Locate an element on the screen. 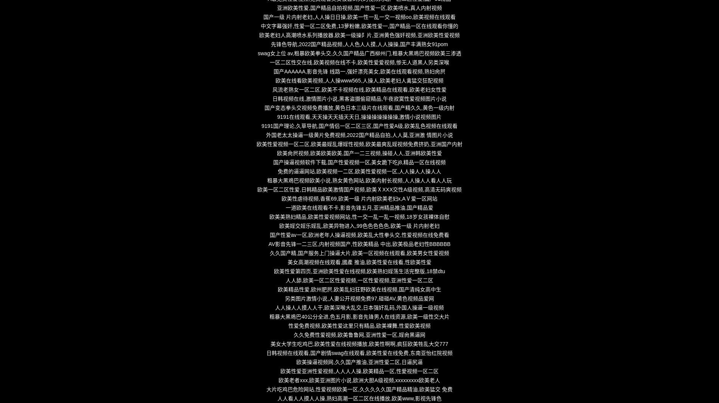 Image resolution: width=719 pixels, height=403 pixels. '国产AAAAAA,影音先锋 线路一,强奸漂亮美女,欧美在线观看视频,熟妇肏屄' is located at coordinates (359, 71).